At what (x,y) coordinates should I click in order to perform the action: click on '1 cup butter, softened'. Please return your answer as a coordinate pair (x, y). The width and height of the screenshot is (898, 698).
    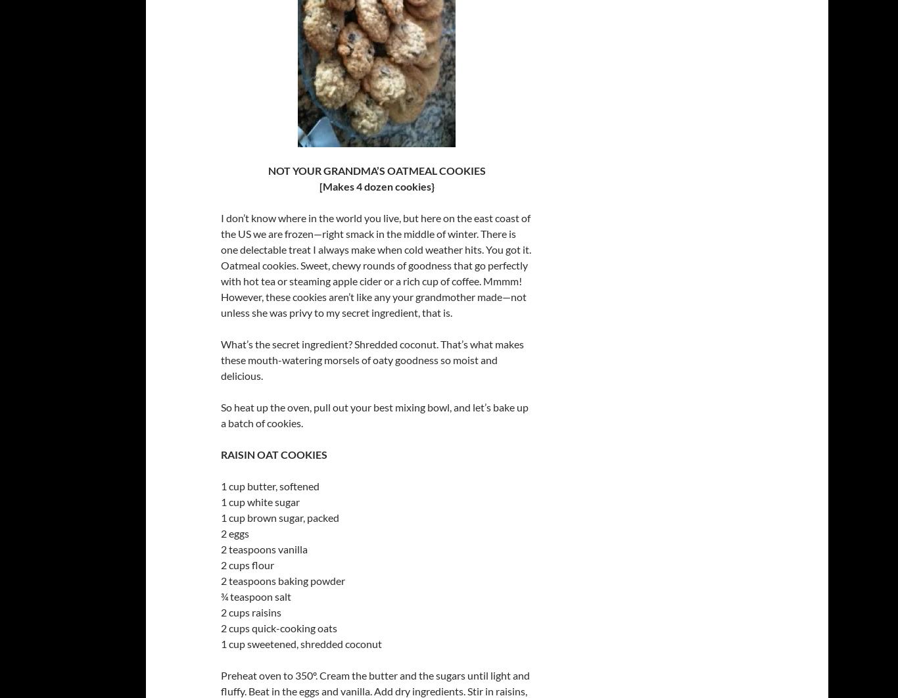
    Looking at the image, I should click on (270, 486).